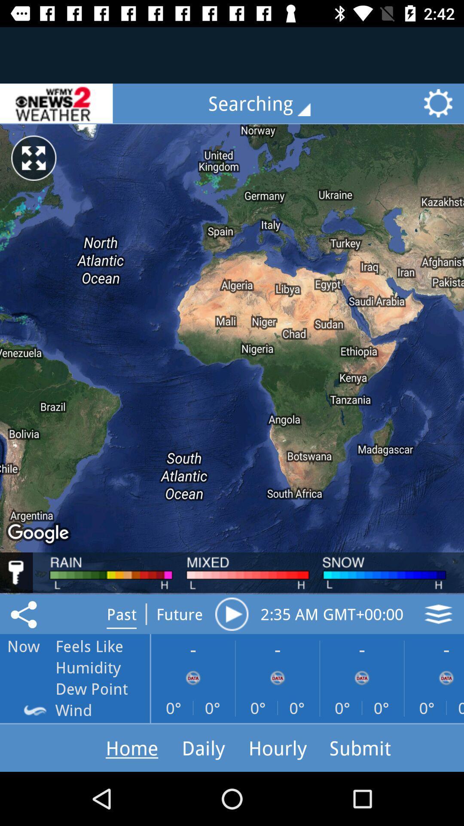 The image size is (464, 826). I want to click on the share icon, so click(25, 613).